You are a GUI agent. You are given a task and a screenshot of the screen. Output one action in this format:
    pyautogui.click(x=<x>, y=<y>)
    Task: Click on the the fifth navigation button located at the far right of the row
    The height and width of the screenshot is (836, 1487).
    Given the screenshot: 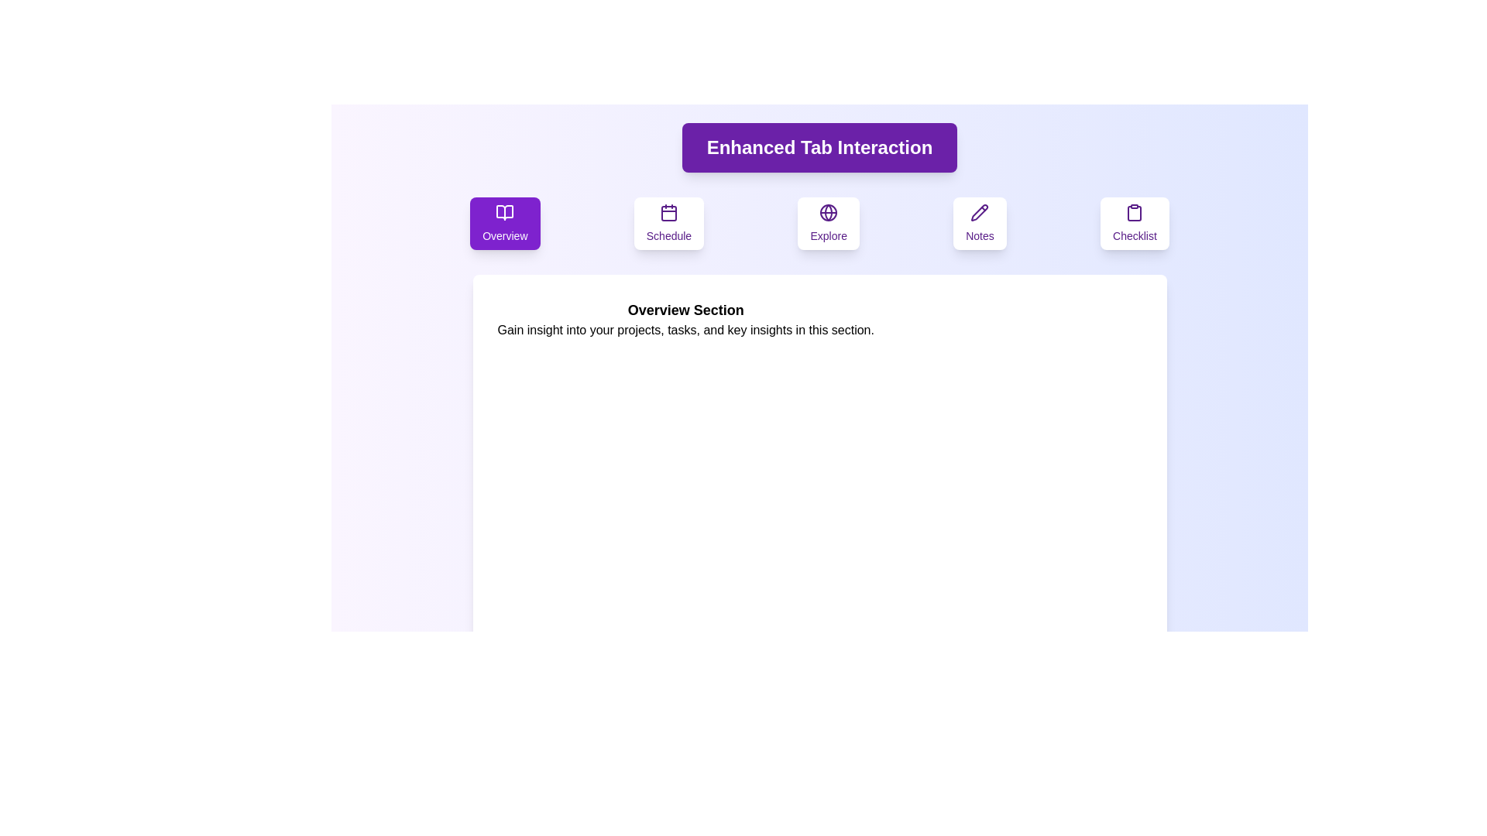 What is the action you would take?
    pyautogui.click(x=1135, y=224)
    